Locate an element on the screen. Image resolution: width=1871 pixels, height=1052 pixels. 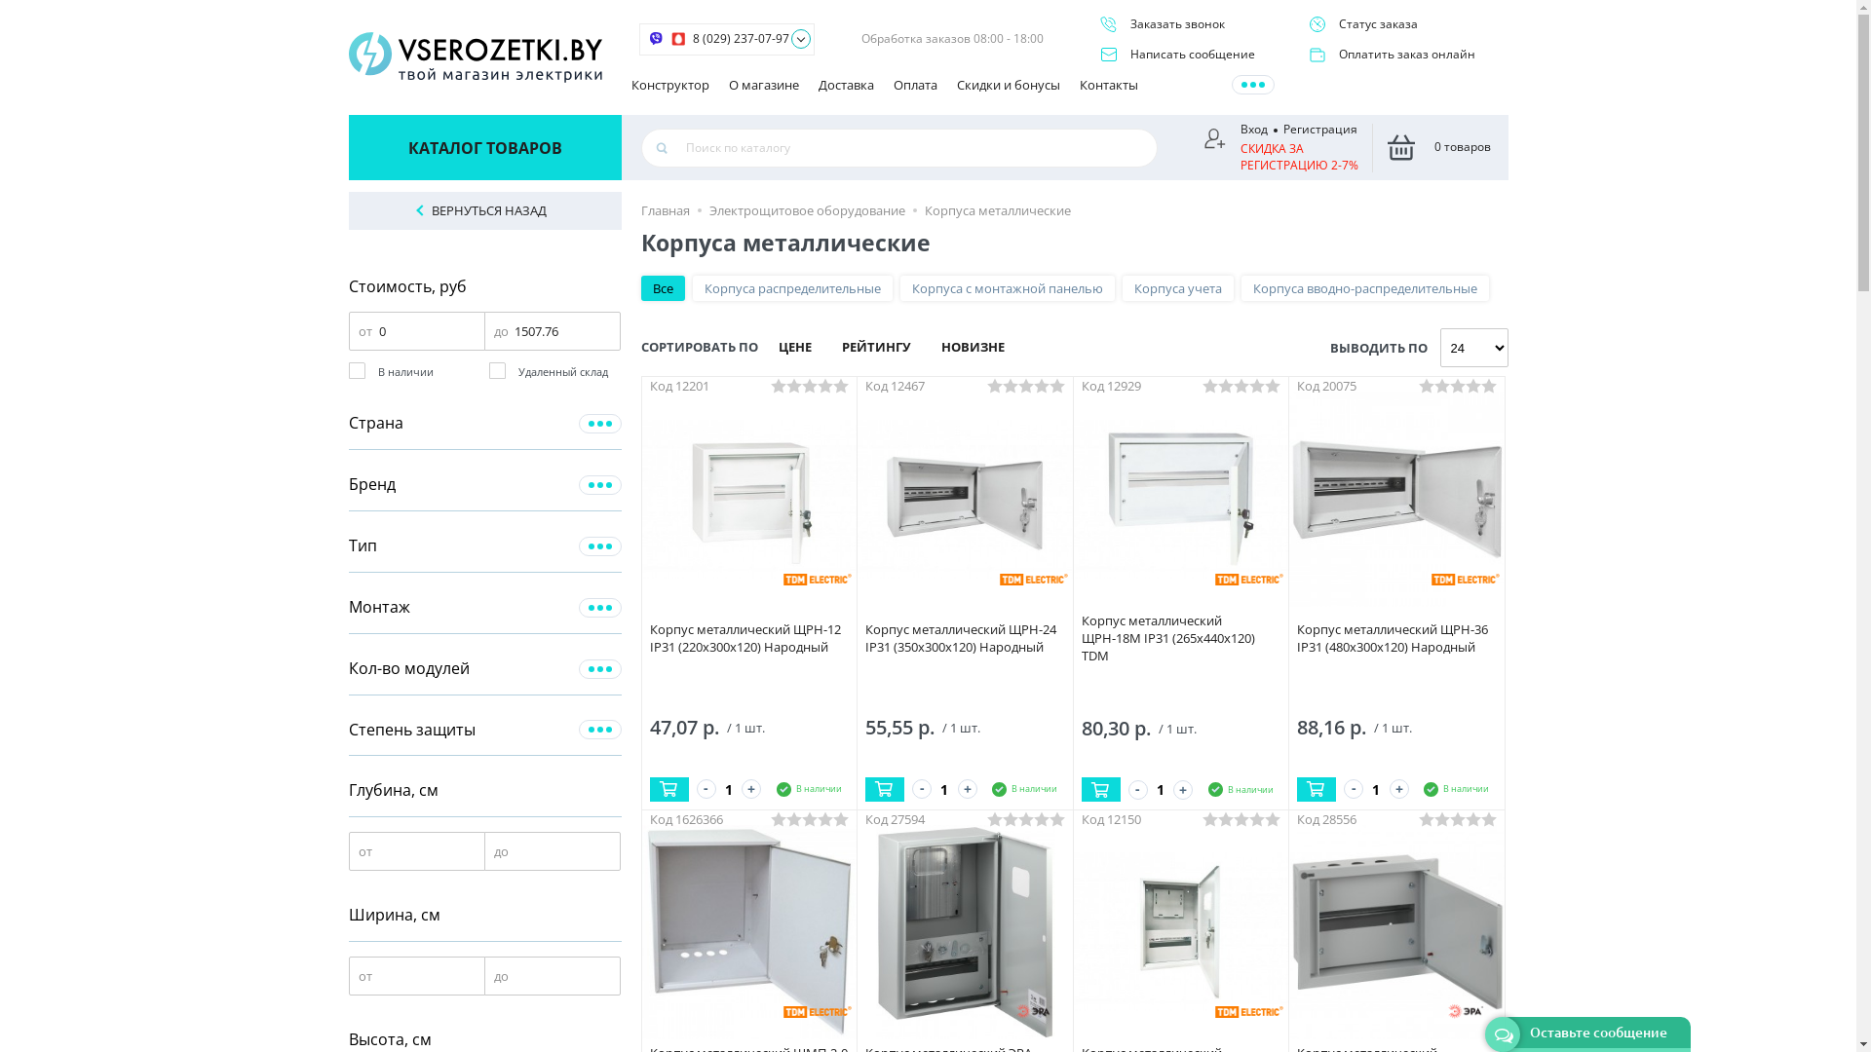
'+' is located at coordinates (1182, 789).